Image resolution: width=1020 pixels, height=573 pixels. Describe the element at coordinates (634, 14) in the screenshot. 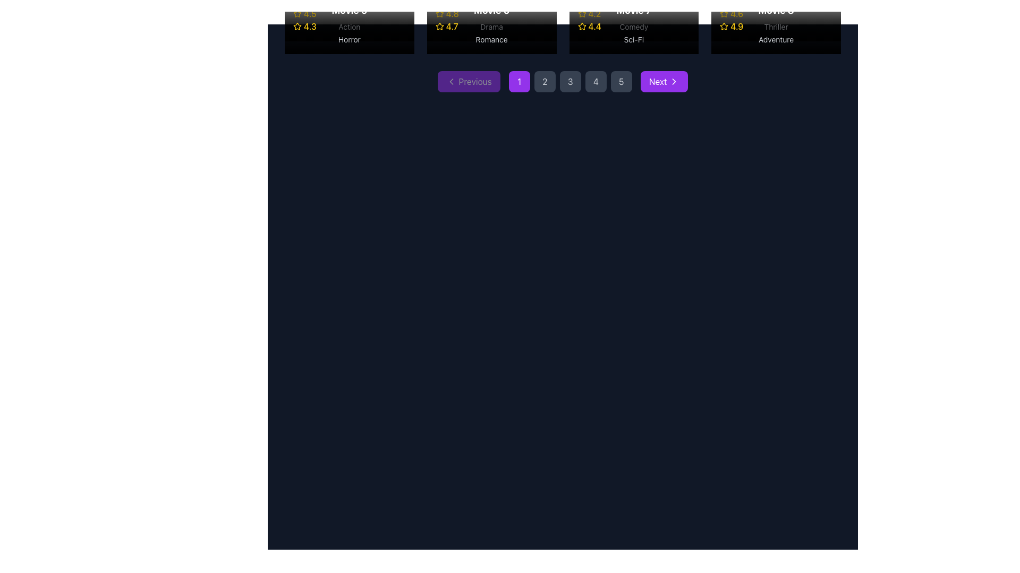

I see `the static Rating display located at the bottom of the 'Movie 3' card, above the genre label 'Comedy'` at that location.